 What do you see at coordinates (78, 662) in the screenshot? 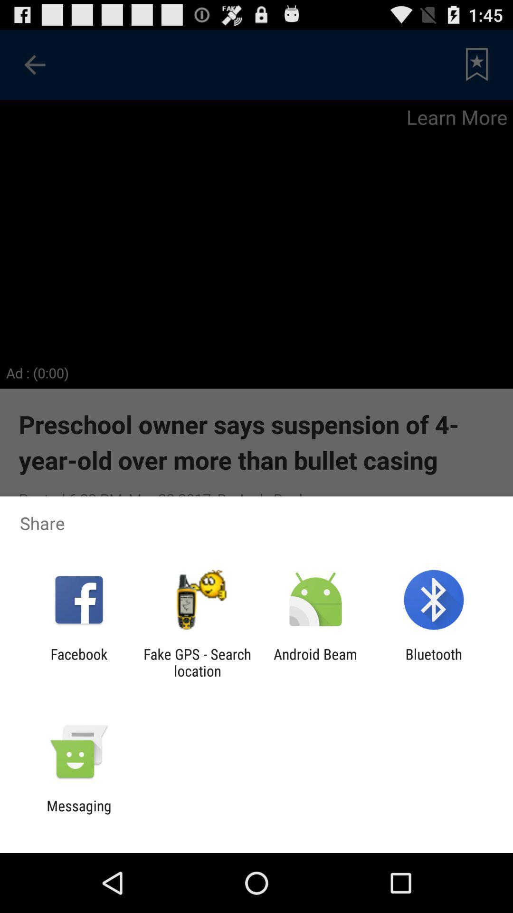
I see `the facebook icon` at bounding box center [78, 662].